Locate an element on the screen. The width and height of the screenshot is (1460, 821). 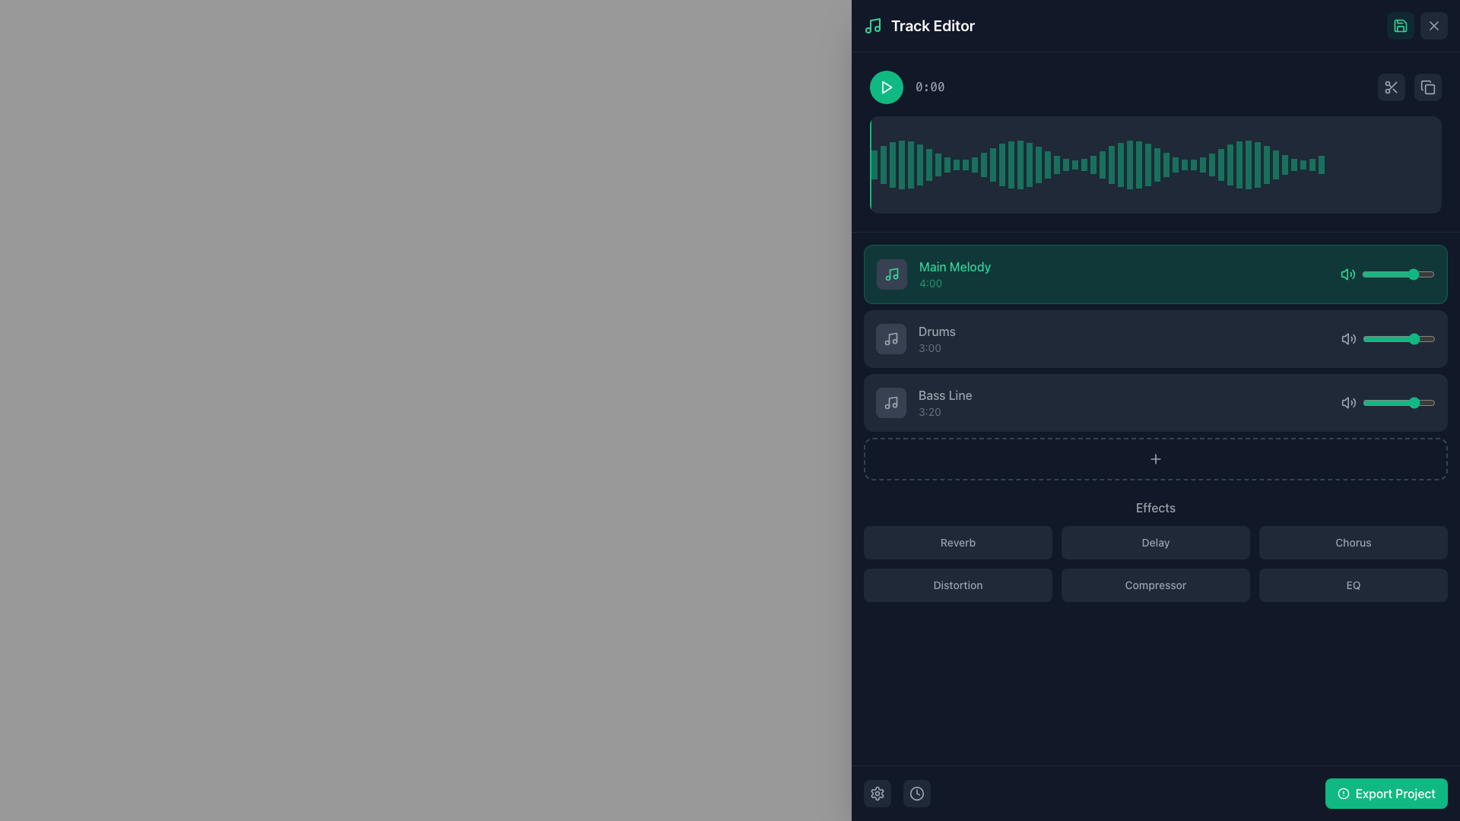
the button in the Effects section is located at coordinates (1156, 550).